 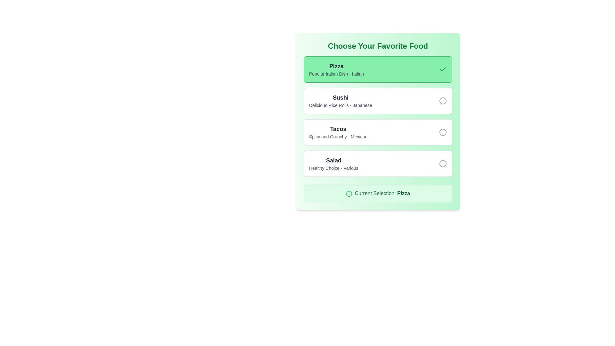 I want to click on descriptive subtitle text element located below the 'Pizza' heading in the food options list, so click(x=336, y=74).